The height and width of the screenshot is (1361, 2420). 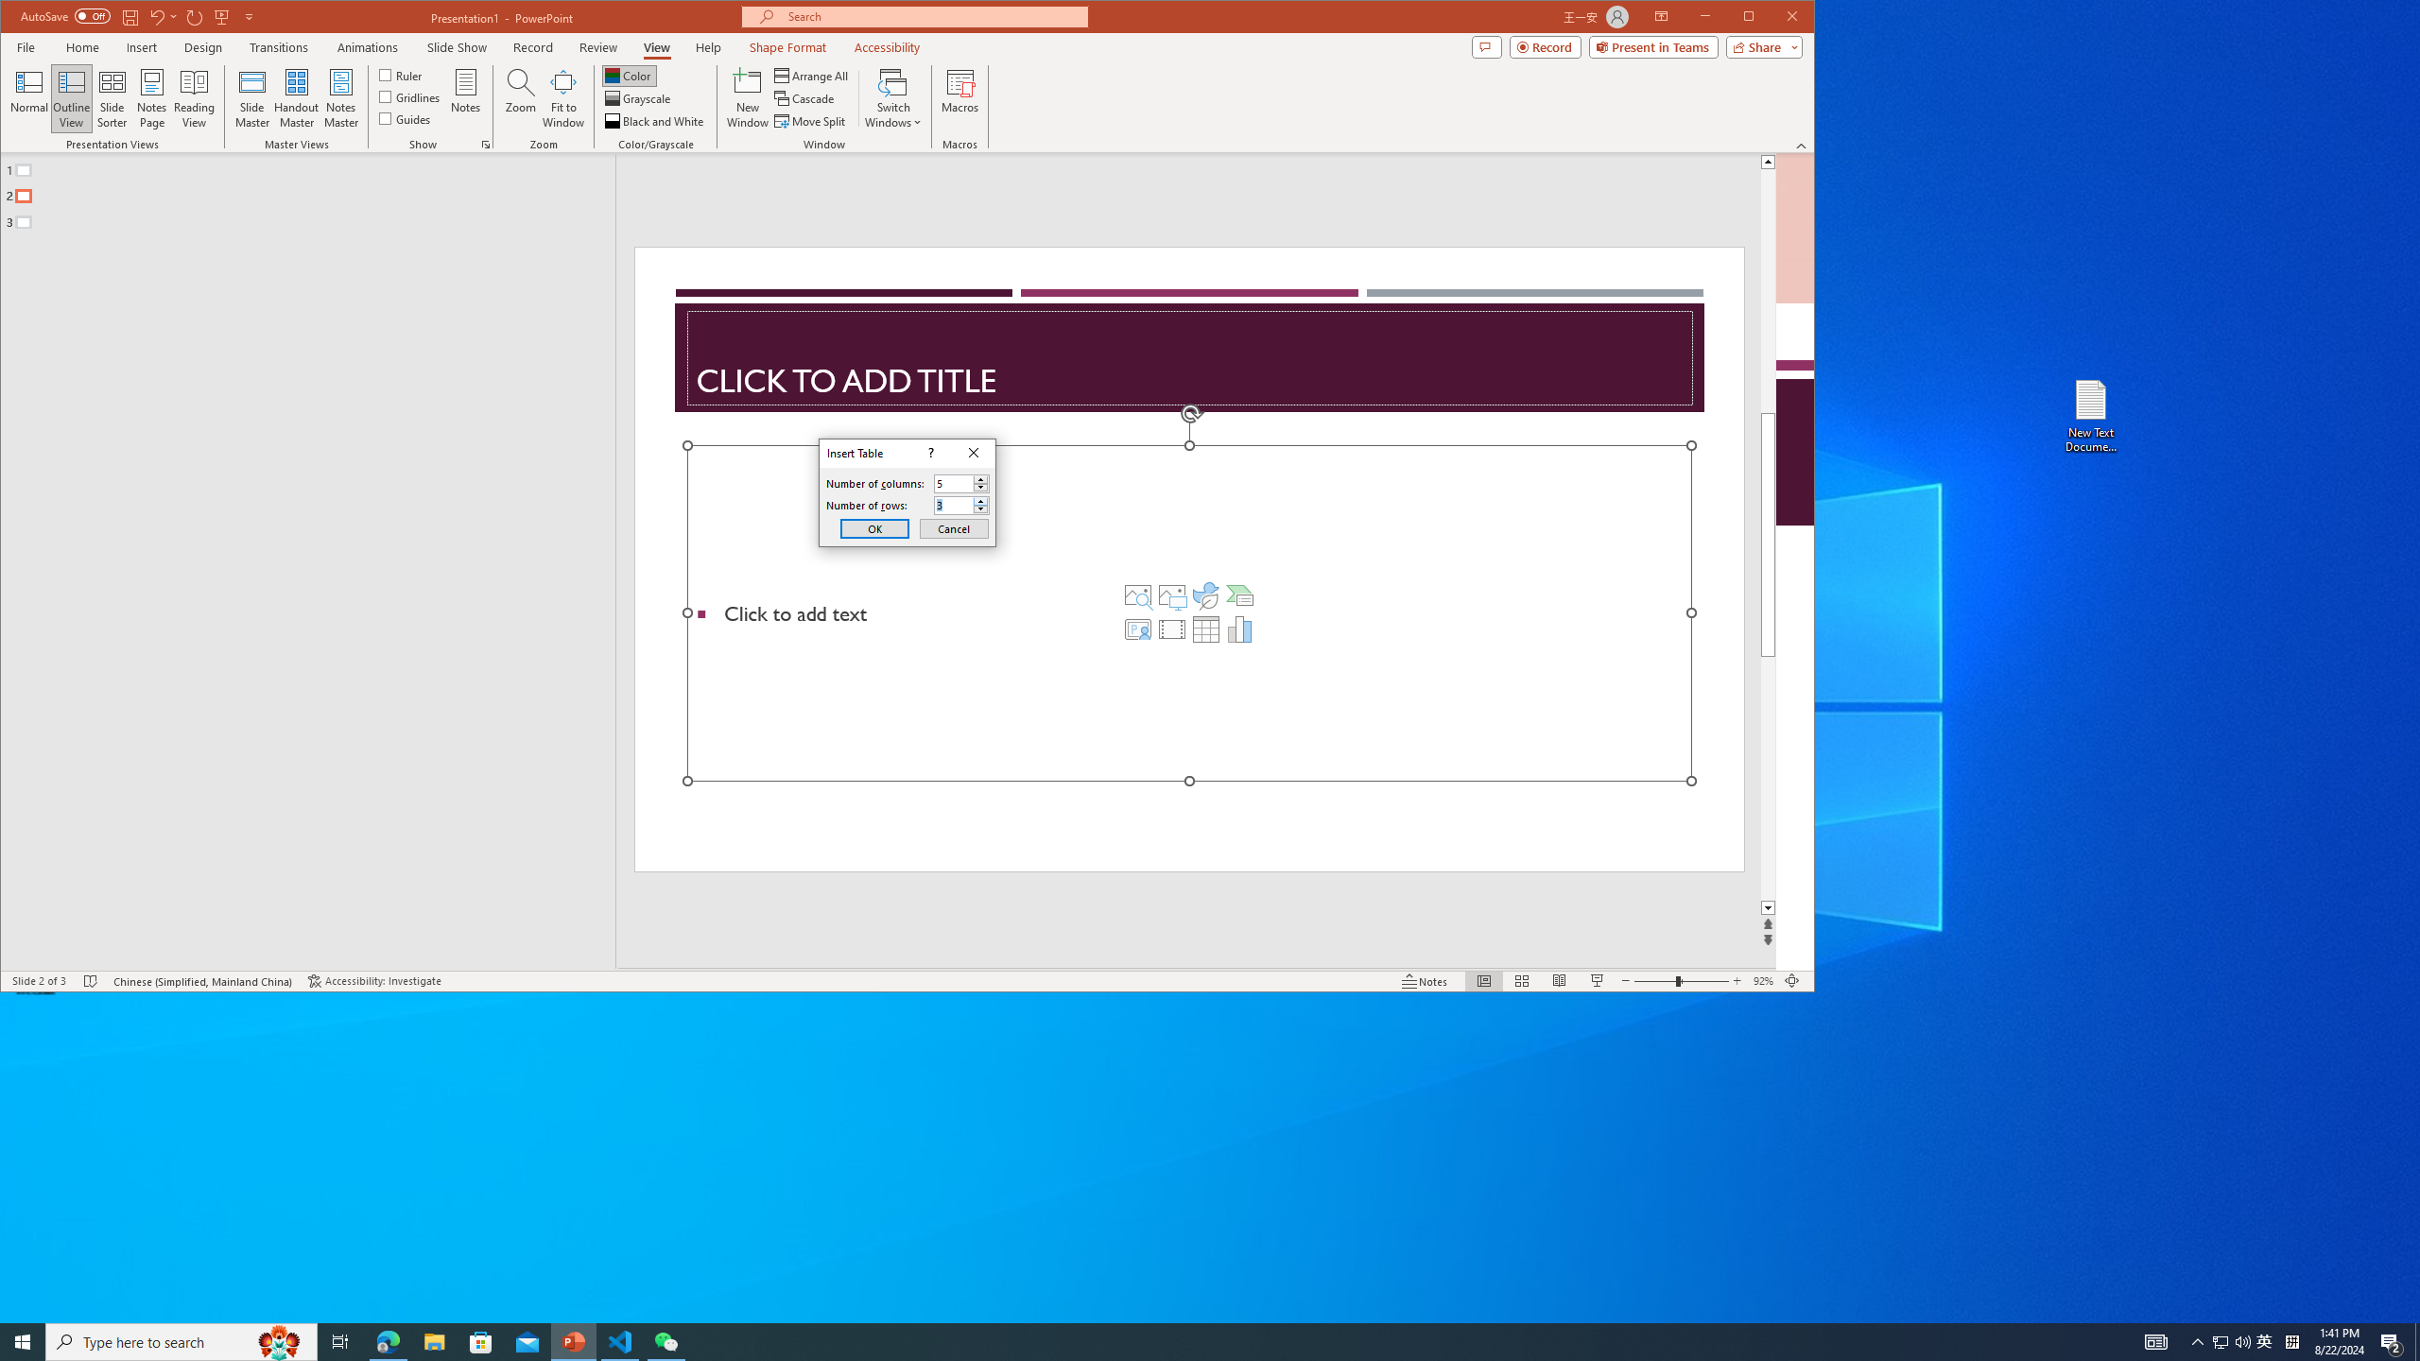 I want to click on 'Insert Video', so click(x=1171, y=629).